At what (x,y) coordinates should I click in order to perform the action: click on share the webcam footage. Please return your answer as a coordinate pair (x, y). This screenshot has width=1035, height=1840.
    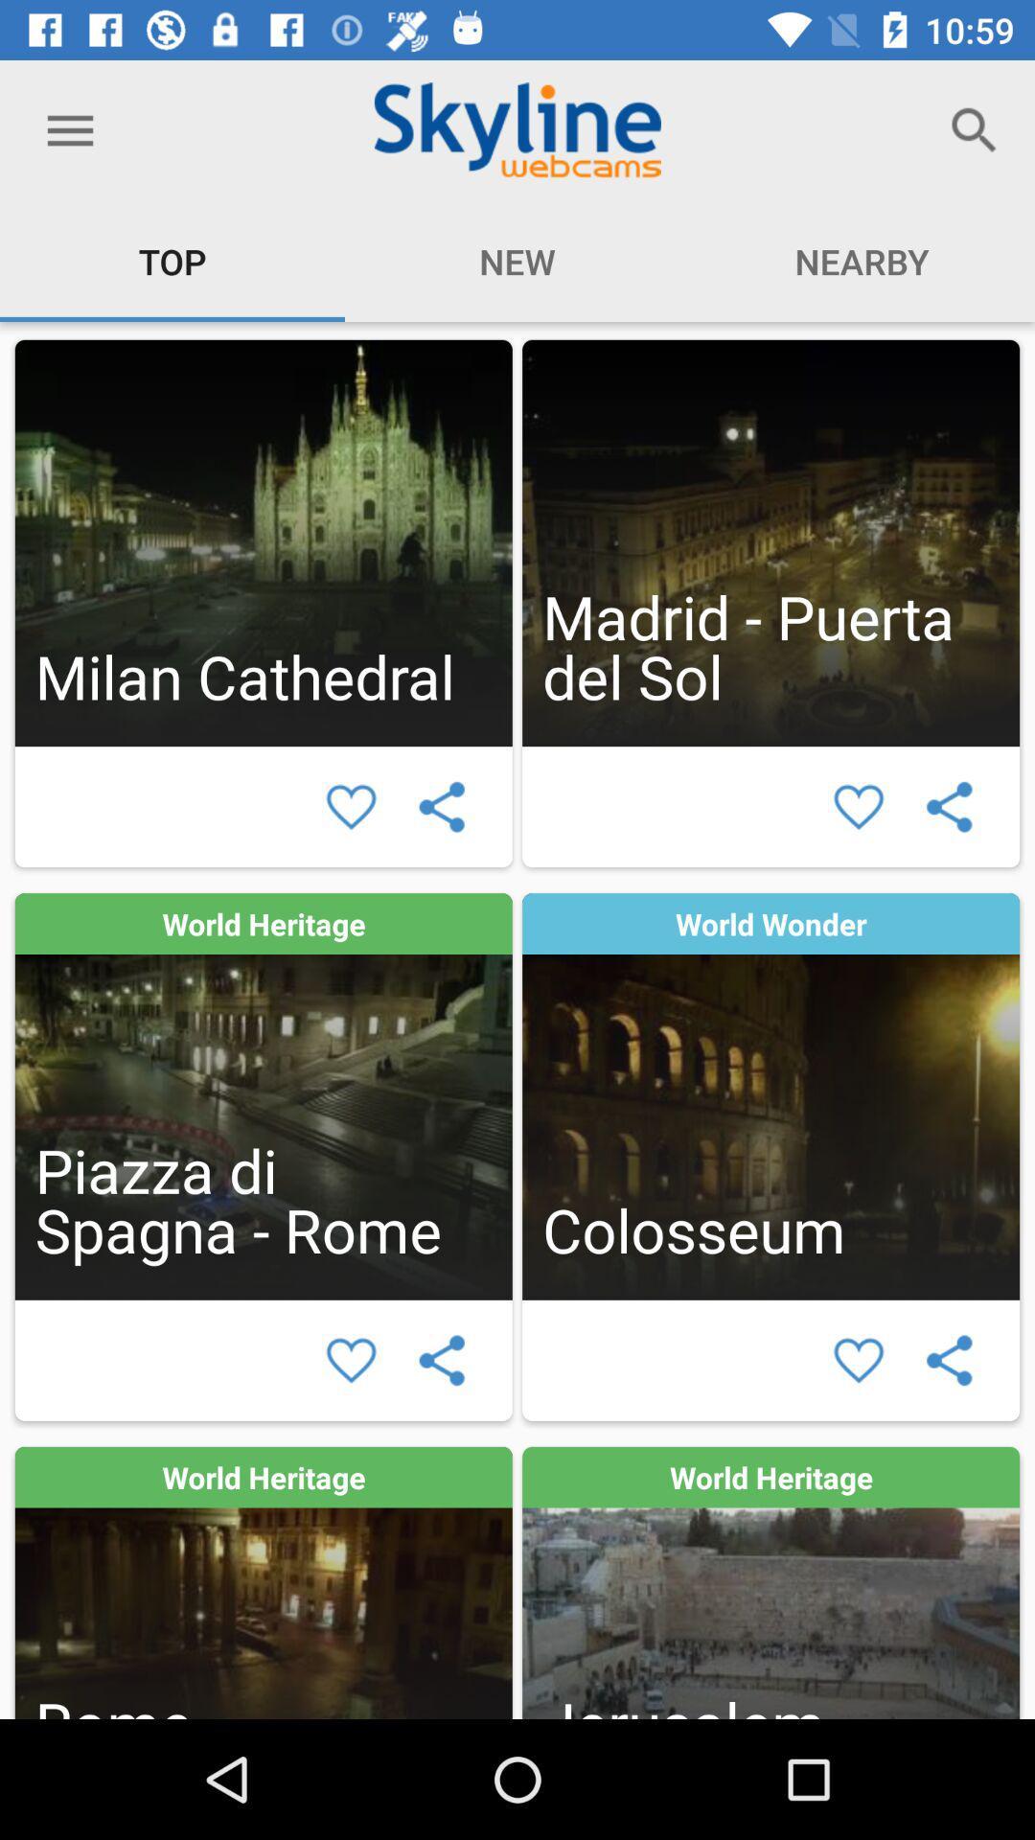
    Looking at the image, I should click on (949, 807).